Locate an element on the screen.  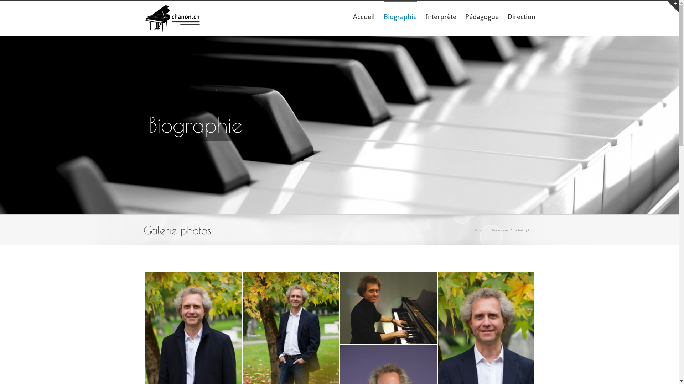
'Accueil' is located at coordinates (363, 16).